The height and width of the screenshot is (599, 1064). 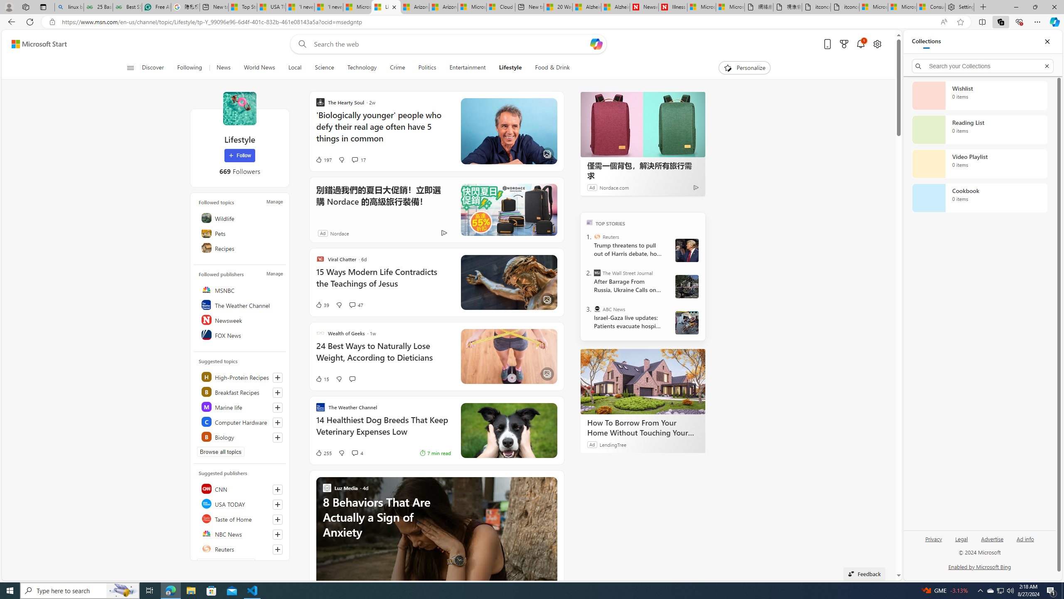 What do you see at coordinates (1047, 66) in the screenshot?
I see `'Exit search'` at bounding box center [1047, 66].